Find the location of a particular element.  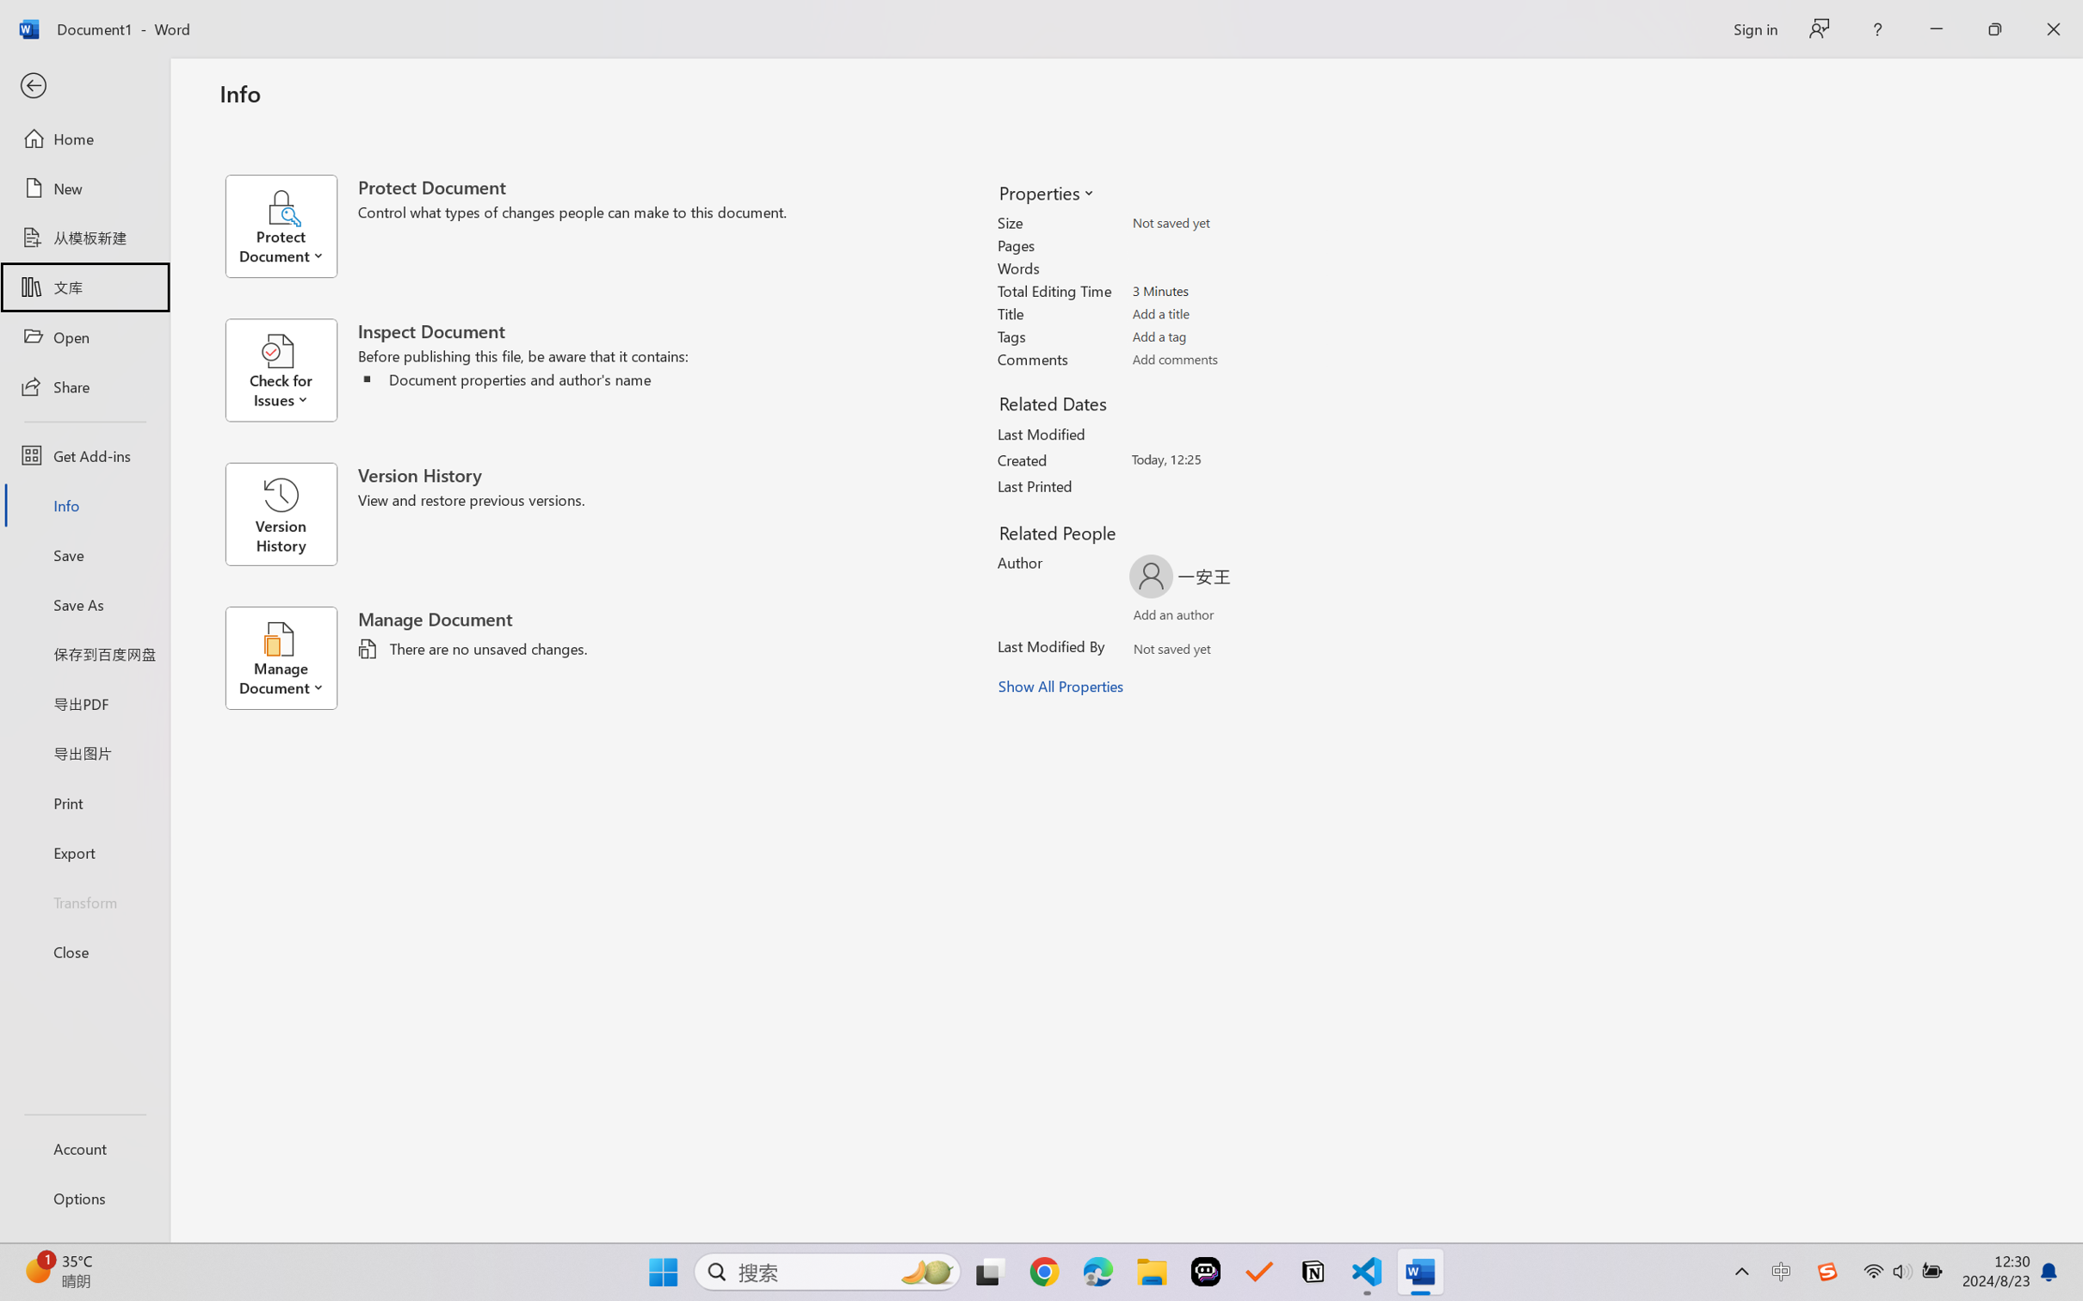

'Version History' is located at coordinates (281, 513).